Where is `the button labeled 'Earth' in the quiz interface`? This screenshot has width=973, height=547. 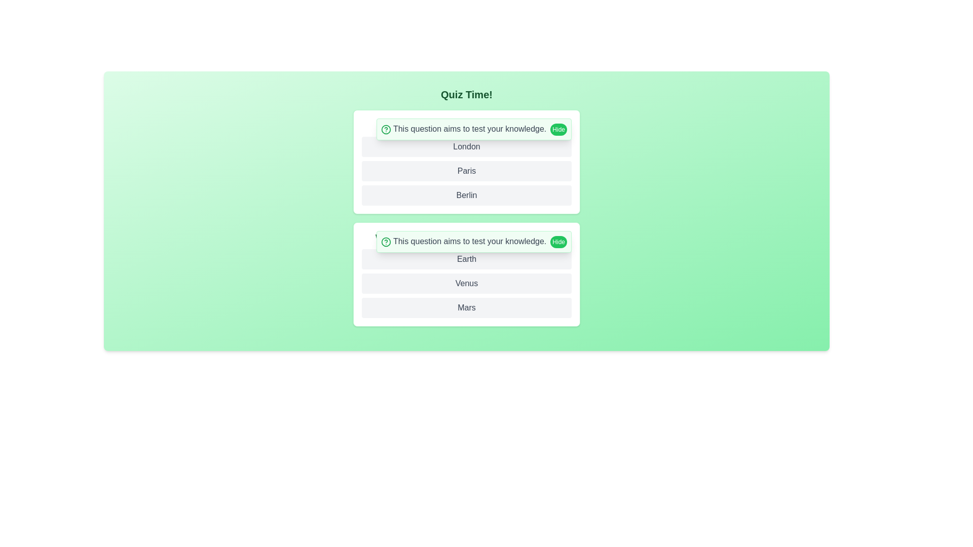 the button labeled 'Earth' in the quiz interface is located at coordinates (466, 259).